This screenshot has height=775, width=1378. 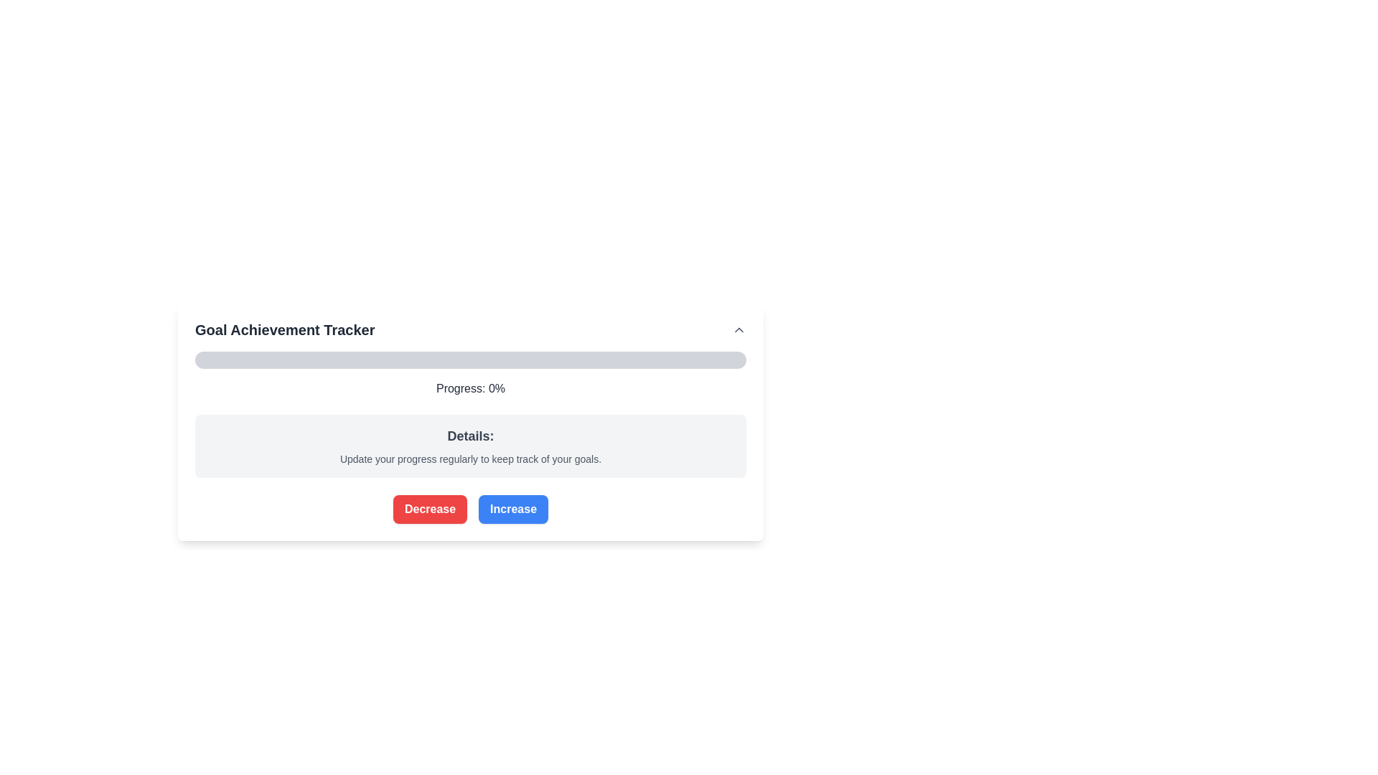 I want to click on the 'Increase' button, which is a rectangular button with a blue background and white, bold, capitalized text, located in the bottom section of the interface, so click(x=513, y=508).